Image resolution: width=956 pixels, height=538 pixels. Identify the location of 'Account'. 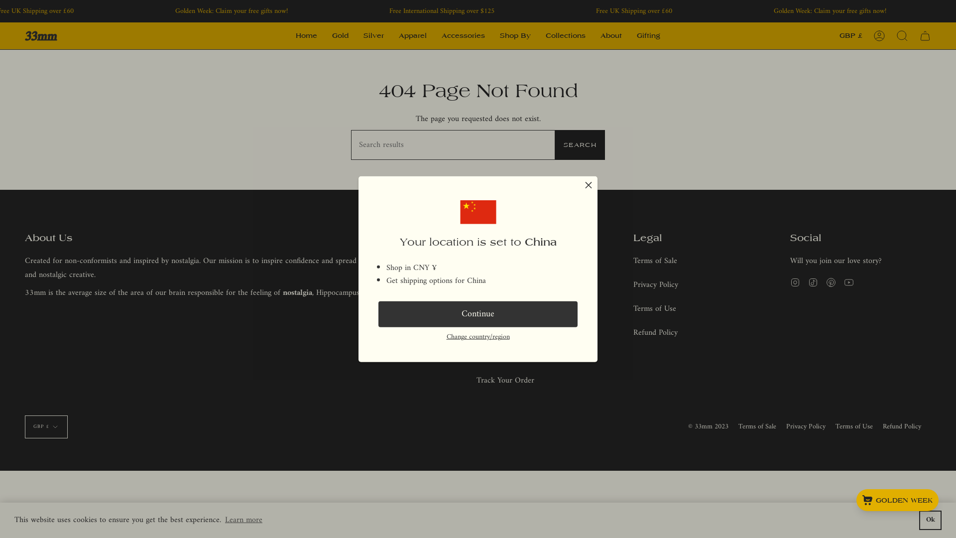
(879, 35).